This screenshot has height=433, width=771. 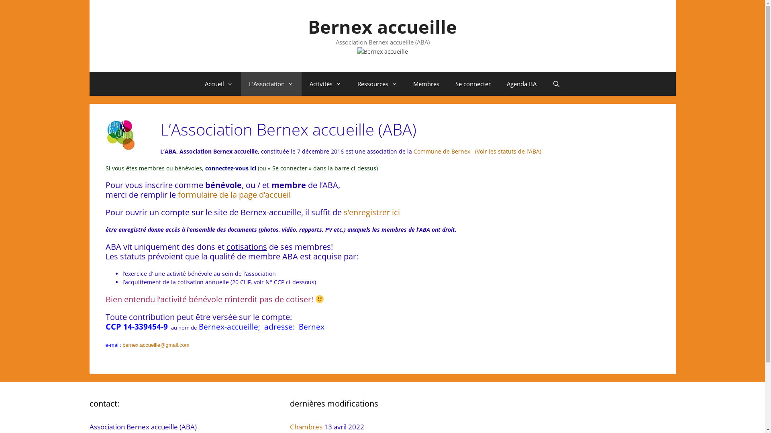 What do you see at coordinates (426, 83) in the screenshot?
I see `'Membres'` at bounding box center [426, 83].